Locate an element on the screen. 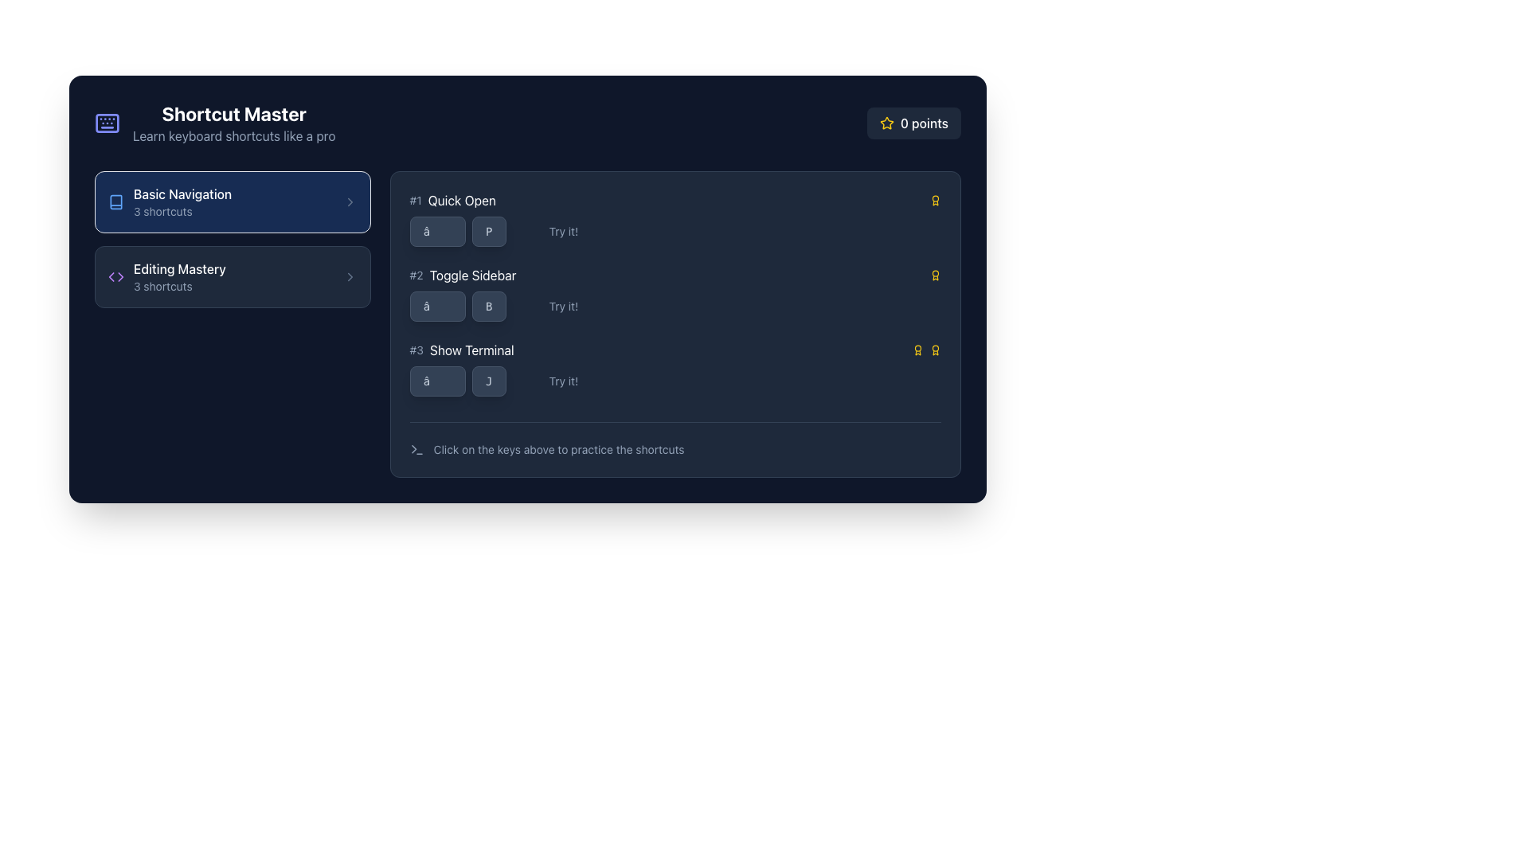 This screenshot has height=860, width=1529. the 'Editing Mastery' icon located in the left column under the 'Shortcut Master' section, next to the text 'Editing Mastery 3 shortcuts' is located at coordinates (115, 276).